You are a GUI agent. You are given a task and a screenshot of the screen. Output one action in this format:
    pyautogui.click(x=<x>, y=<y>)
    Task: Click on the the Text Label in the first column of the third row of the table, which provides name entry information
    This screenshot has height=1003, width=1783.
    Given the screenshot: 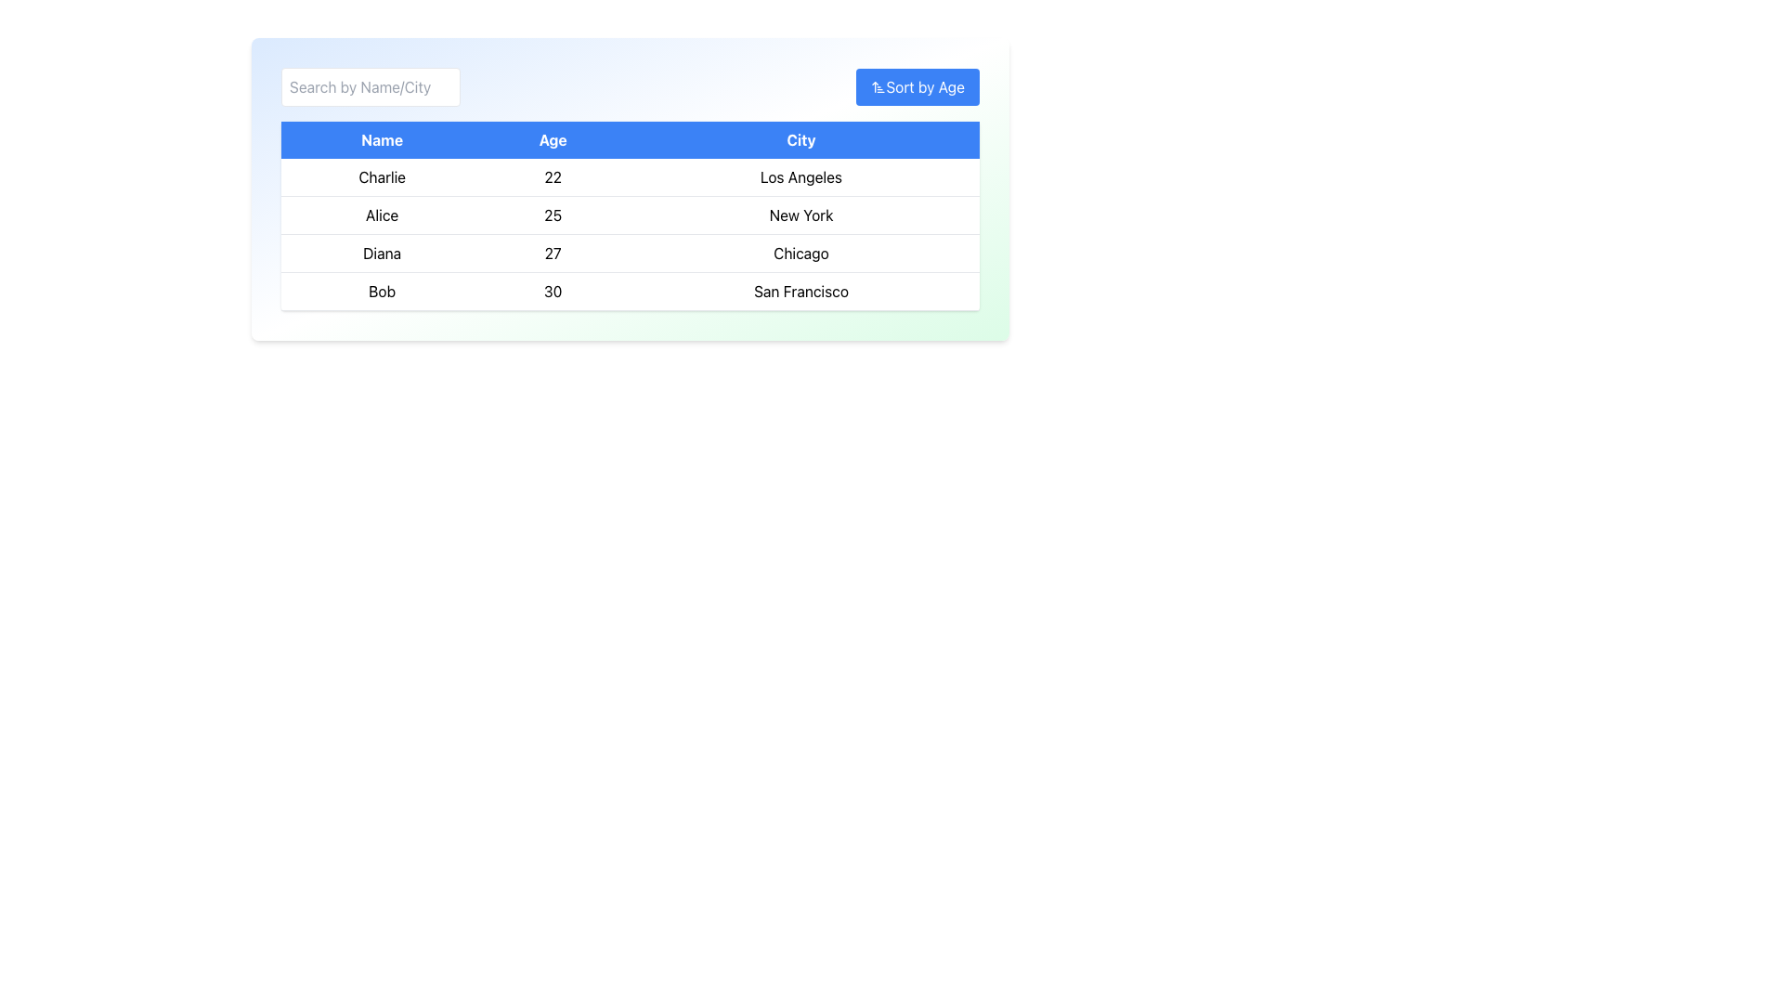 What is the action you would take?
    pyautogui.click(x=381, y=254)
    